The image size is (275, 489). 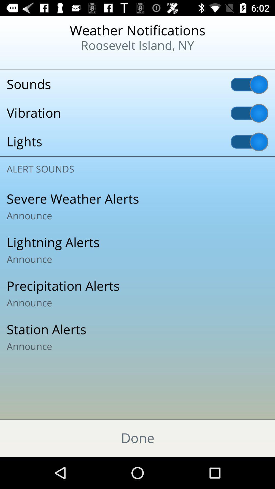 I want to click on the lights icon, so click(x=137, y=142).